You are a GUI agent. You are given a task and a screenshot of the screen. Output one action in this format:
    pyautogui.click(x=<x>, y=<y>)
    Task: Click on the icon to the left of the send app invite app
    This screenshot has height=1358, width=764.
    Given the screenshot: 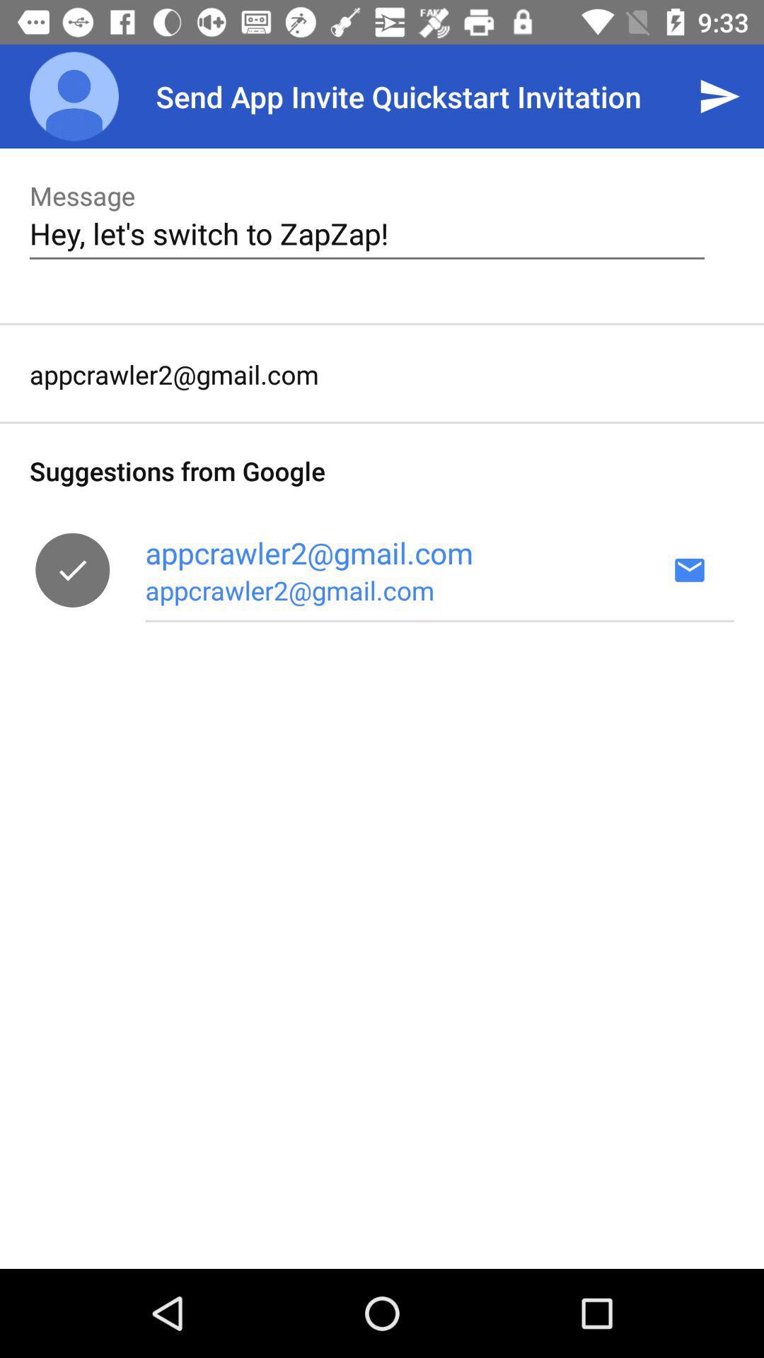 What is the action you would take?
    pyautogui.click(x=74, y=95)
    